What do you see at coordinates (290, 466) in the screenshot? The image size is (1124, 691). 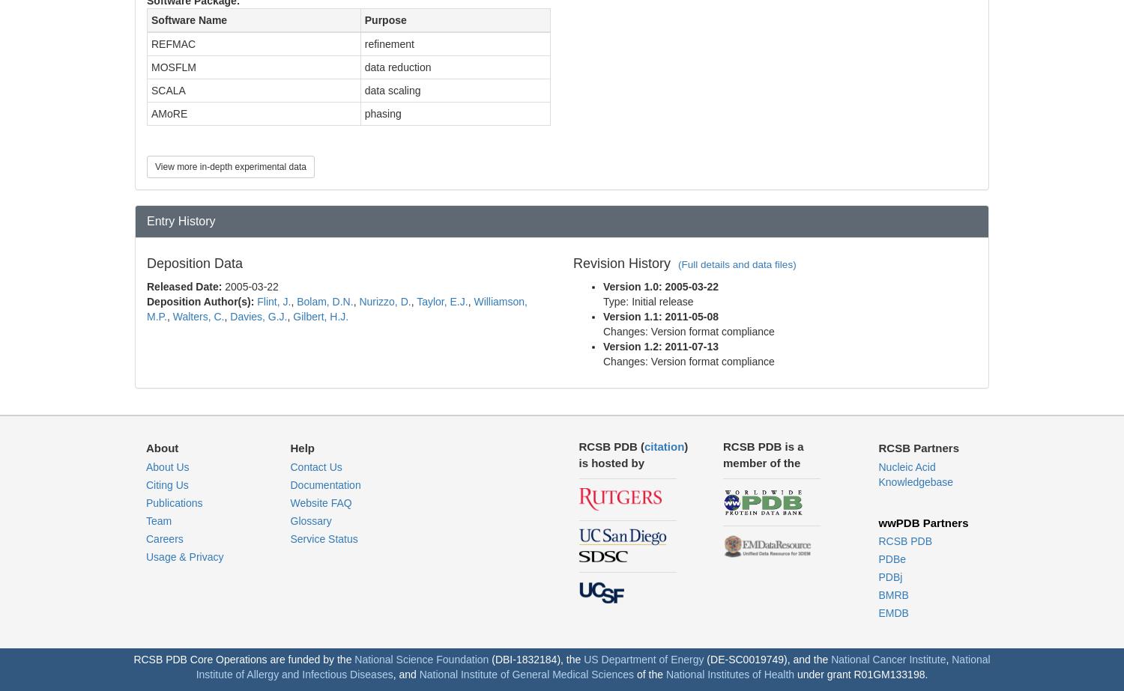 I see `'Contact Us'` at bounding box center [290, 466].